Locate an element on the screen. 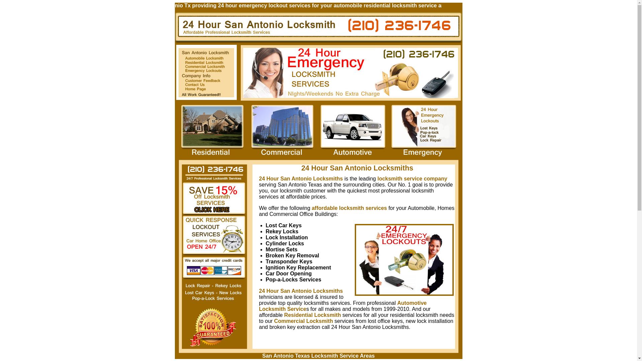  'affordable locksmith services' is located at coordinates (311, 208).